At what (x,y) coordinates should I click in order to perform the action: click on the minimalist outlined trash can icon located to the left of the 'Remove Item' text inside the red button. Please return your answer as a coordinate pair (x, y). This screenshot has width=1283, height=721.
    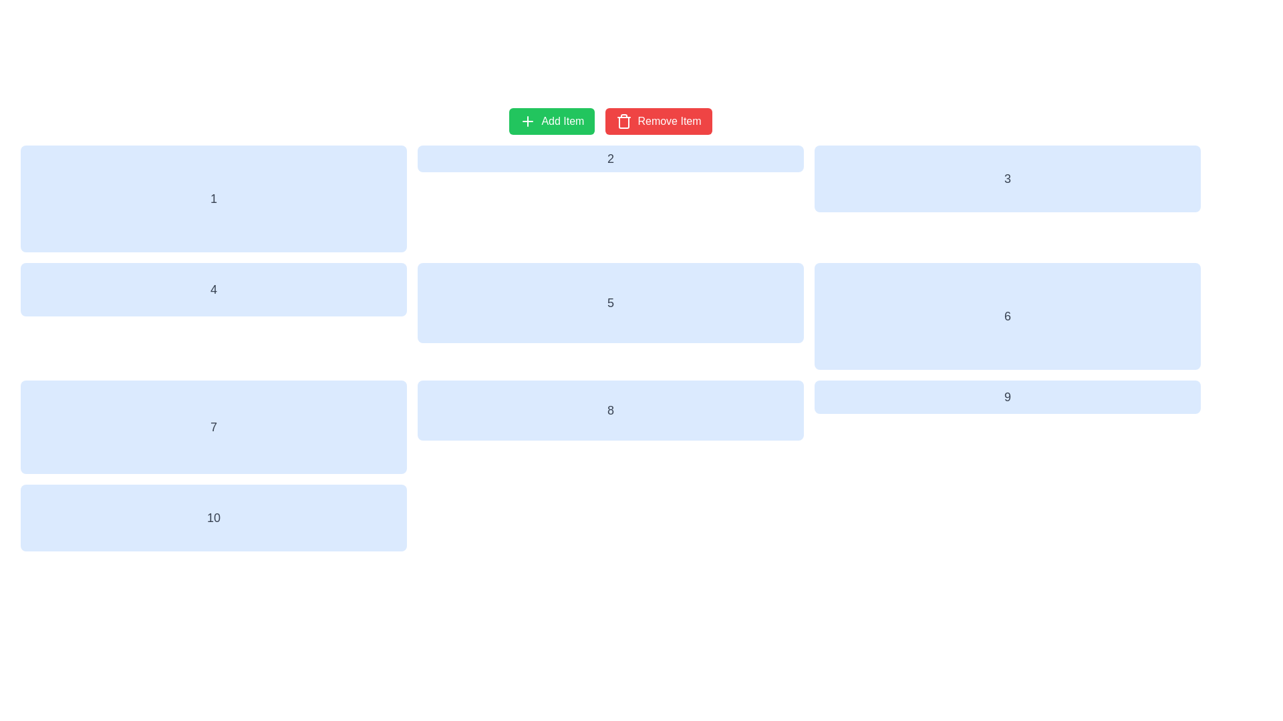
    Looking at the image, I should click on (623, 121).